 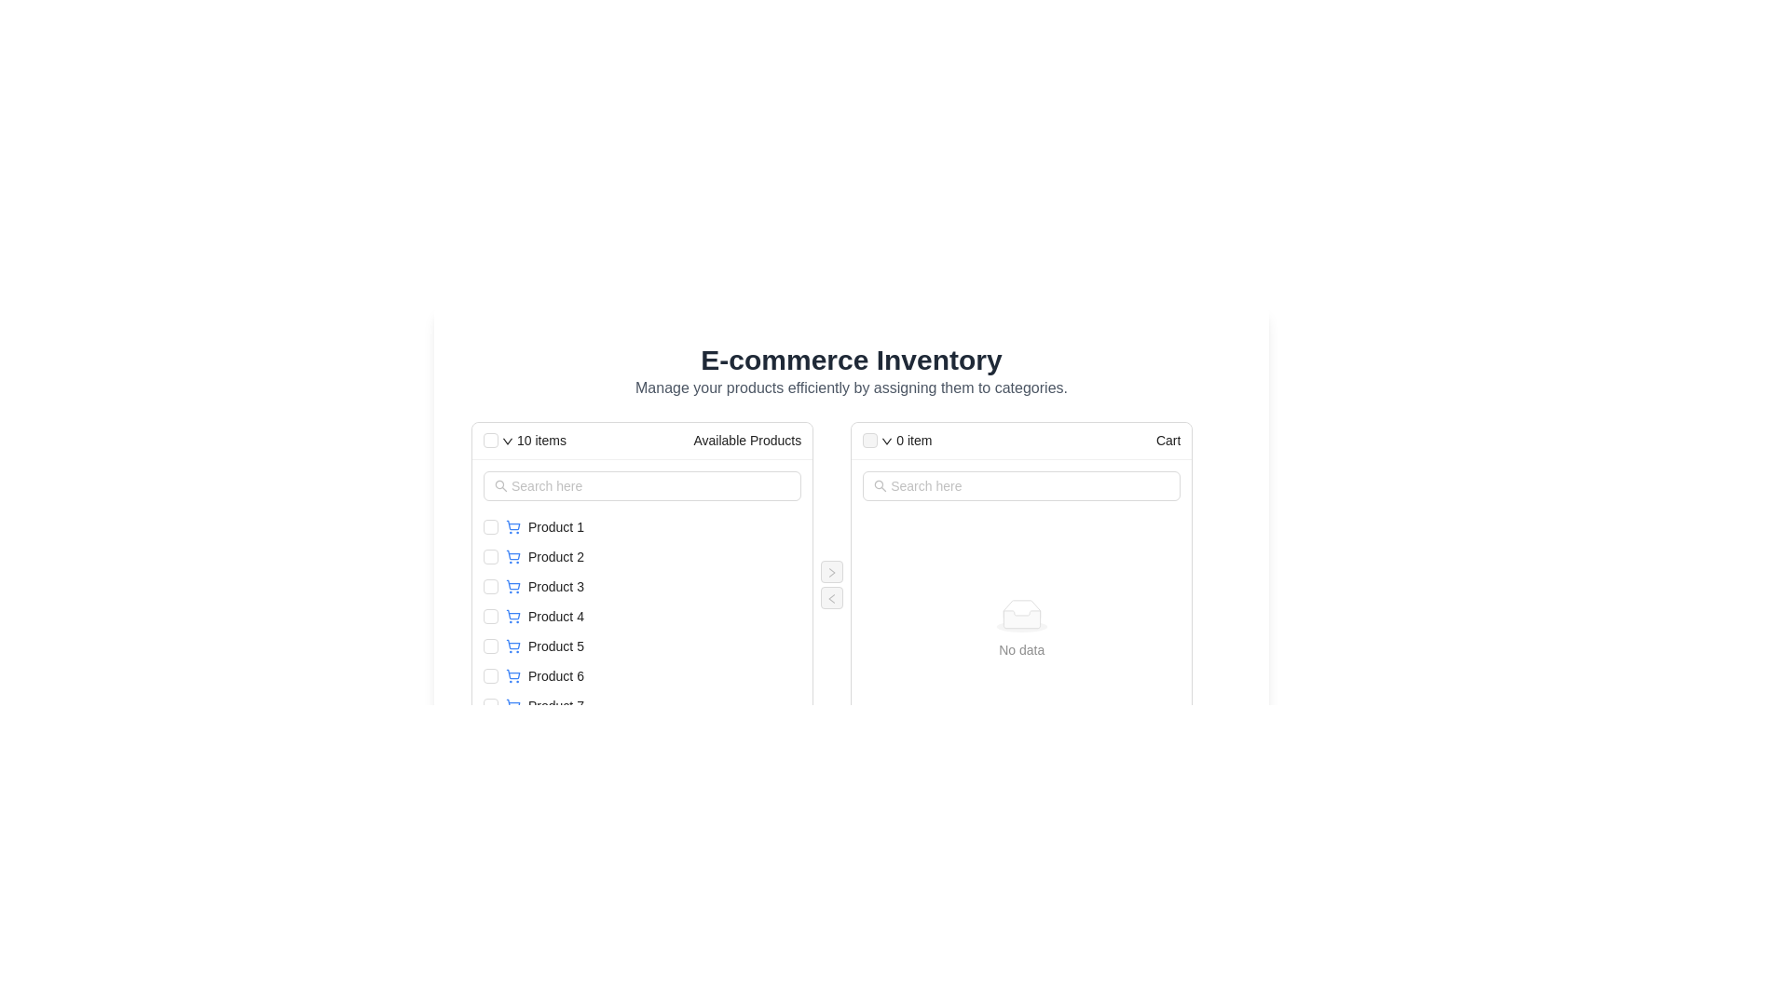 I want to click on the seventh item in the vertically arranged list of products under the 'Available Products' section, so click(x=653, y=706).